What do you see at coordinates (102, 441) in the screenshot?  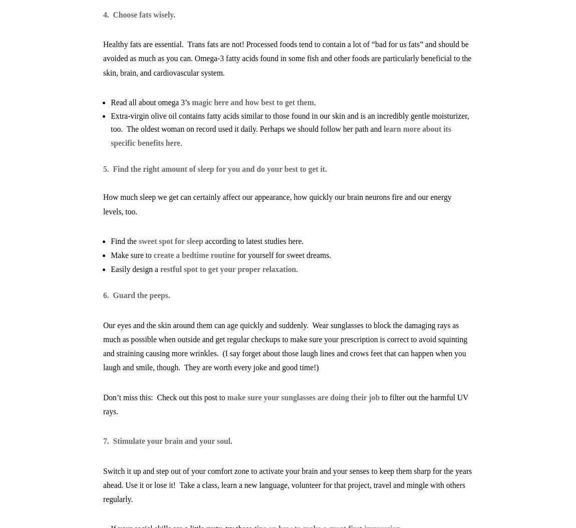 I see `'7.  Stimulate your brain and your soul.'` at bounding box center [102, 441].